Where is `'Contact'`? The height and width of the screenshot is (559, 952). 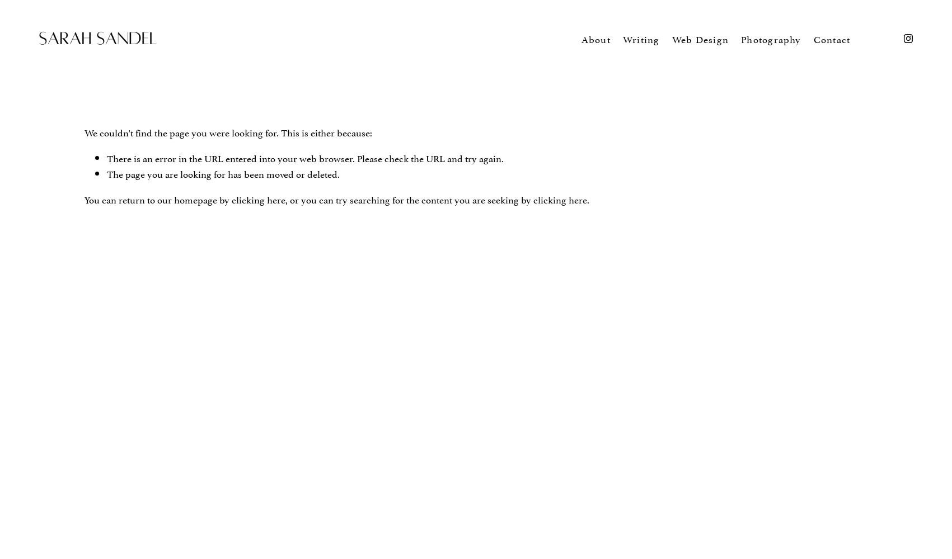
'Contact' is located at coordinates (831, 37).